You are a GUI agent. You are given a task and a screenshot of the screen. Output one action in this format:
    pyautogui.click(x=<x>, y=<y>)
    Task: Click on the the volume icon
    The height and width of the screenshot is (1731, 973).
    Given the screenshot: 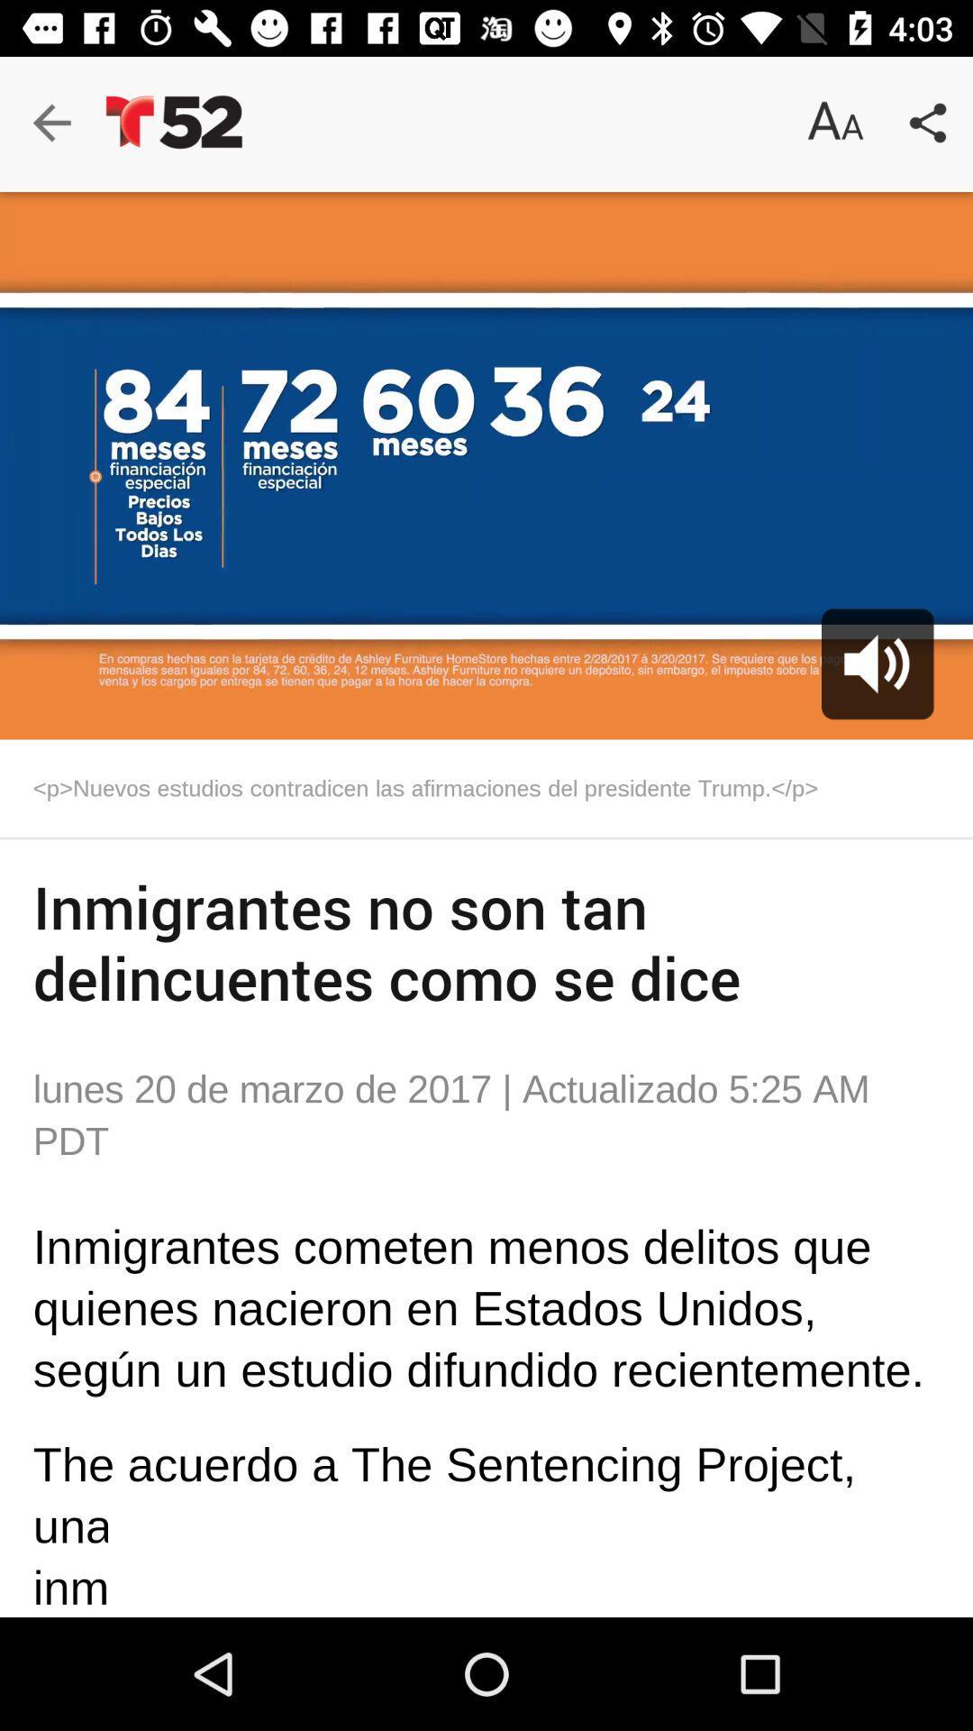 What is the action you would take?
    pyautogui.click(x=878, y=663)
    